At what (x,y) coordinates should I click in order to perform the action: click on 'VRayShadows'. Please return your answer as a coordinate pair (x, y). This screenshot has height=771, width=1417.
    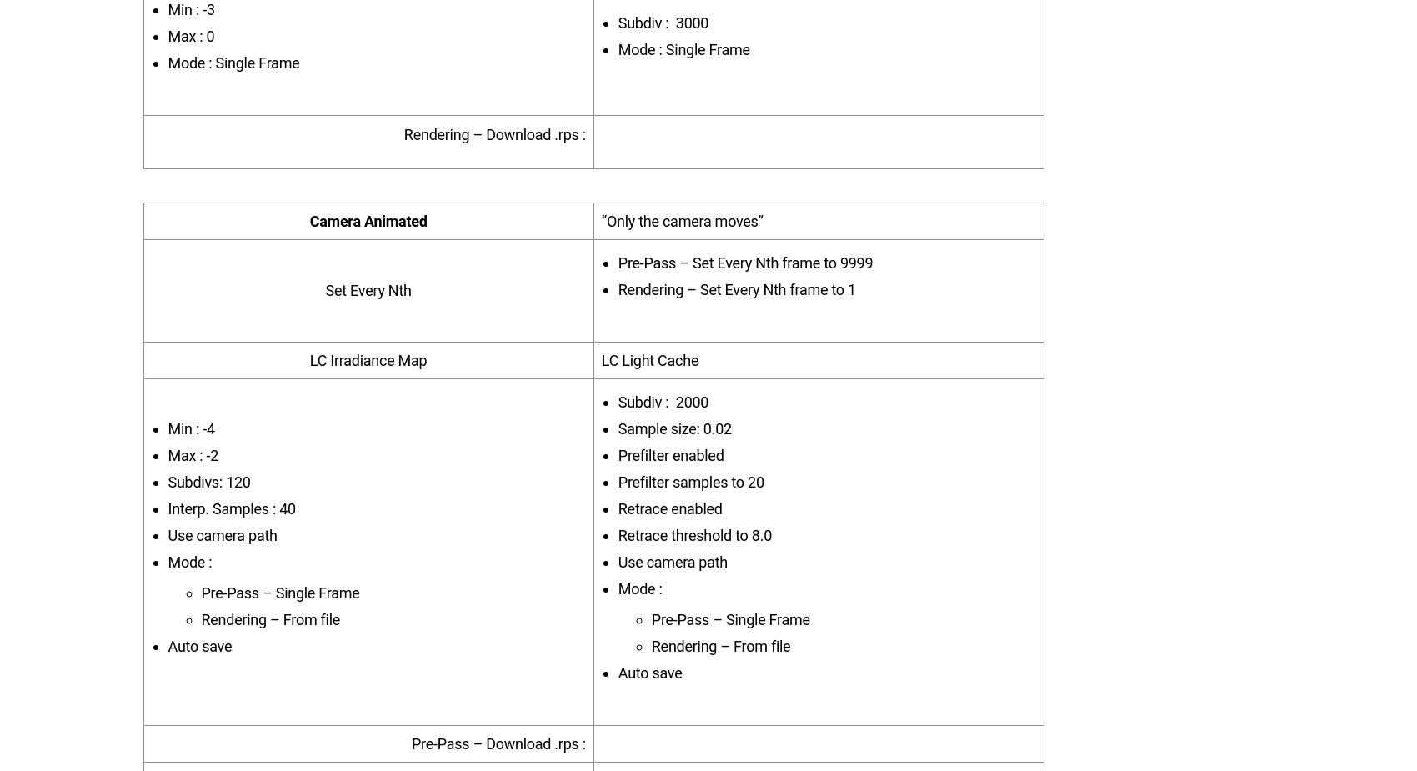
    Looking at the image, I should click on (593, 152).